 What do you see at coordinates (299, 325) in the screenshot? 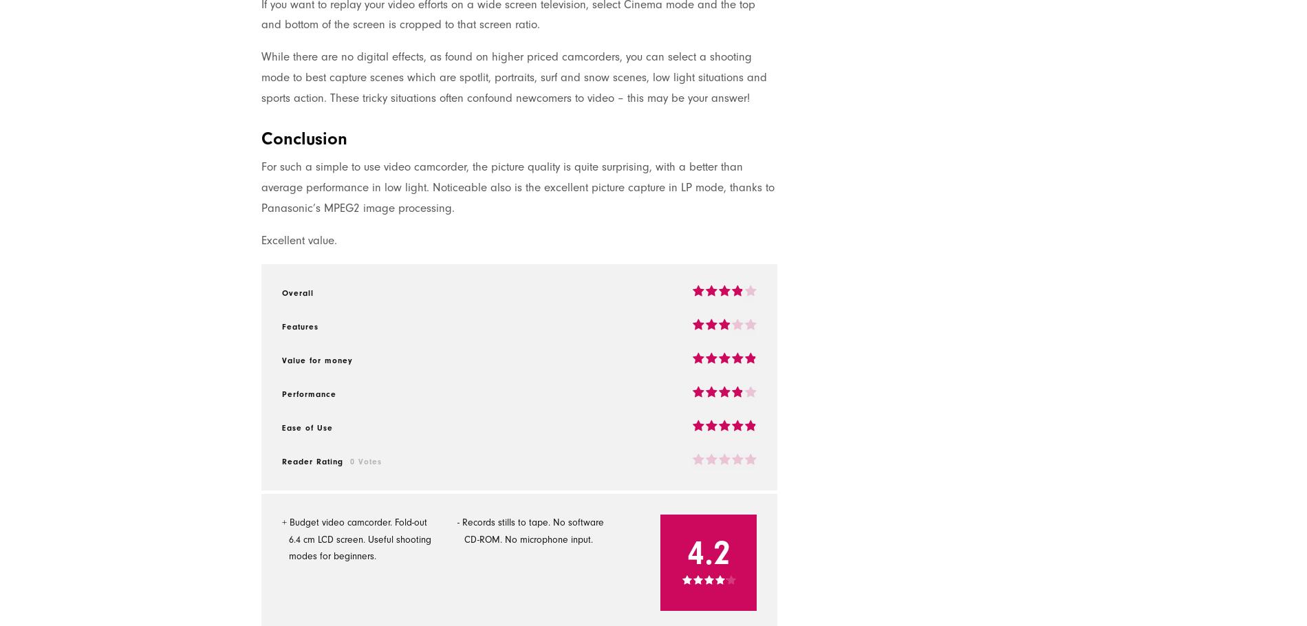
I see `'Features'` at bounding box center [299, 325].